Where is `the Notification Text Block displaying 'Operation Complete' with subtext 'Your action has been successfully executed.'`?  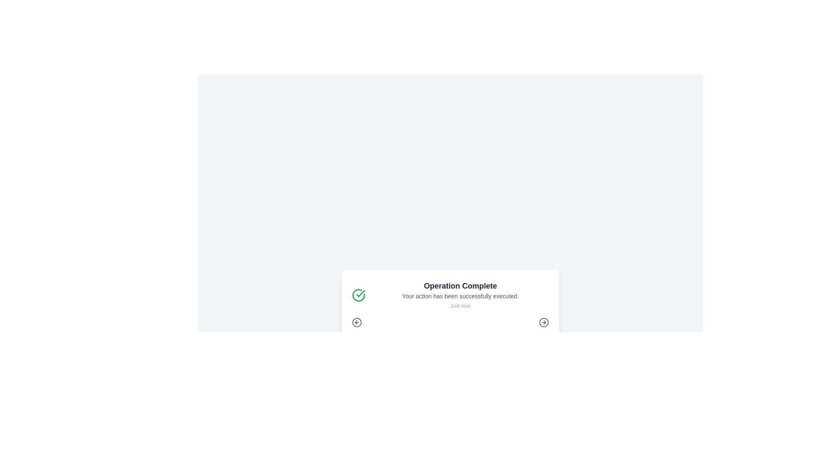
the Notification Text Block displaying 'Operation Complete' with subtext 'Your action has been successfully executed.' is located at coordinates (460, 295).